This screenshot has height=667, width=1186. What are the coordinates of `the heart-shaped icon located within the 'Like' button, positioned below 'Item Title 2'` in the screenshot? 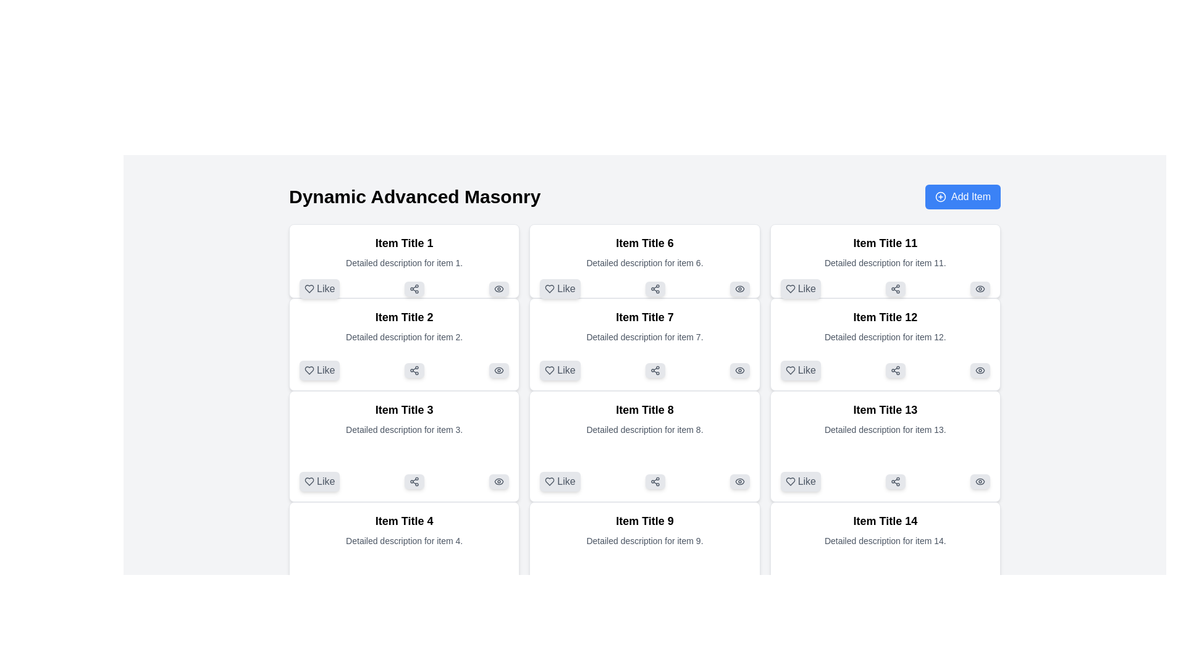 It's located at (309, 370).